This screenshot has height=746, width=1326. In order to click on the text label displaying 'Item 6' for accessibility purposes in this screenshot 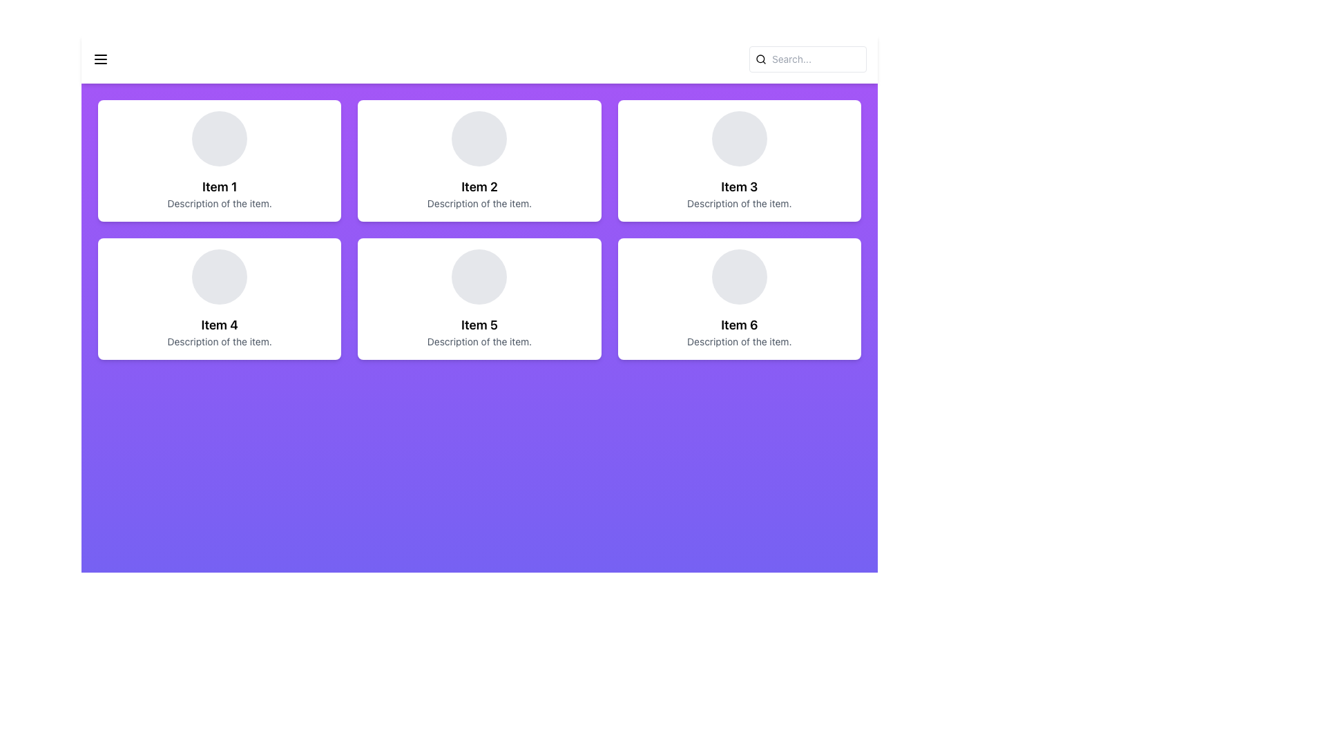, I will do `click(738, 325)`.